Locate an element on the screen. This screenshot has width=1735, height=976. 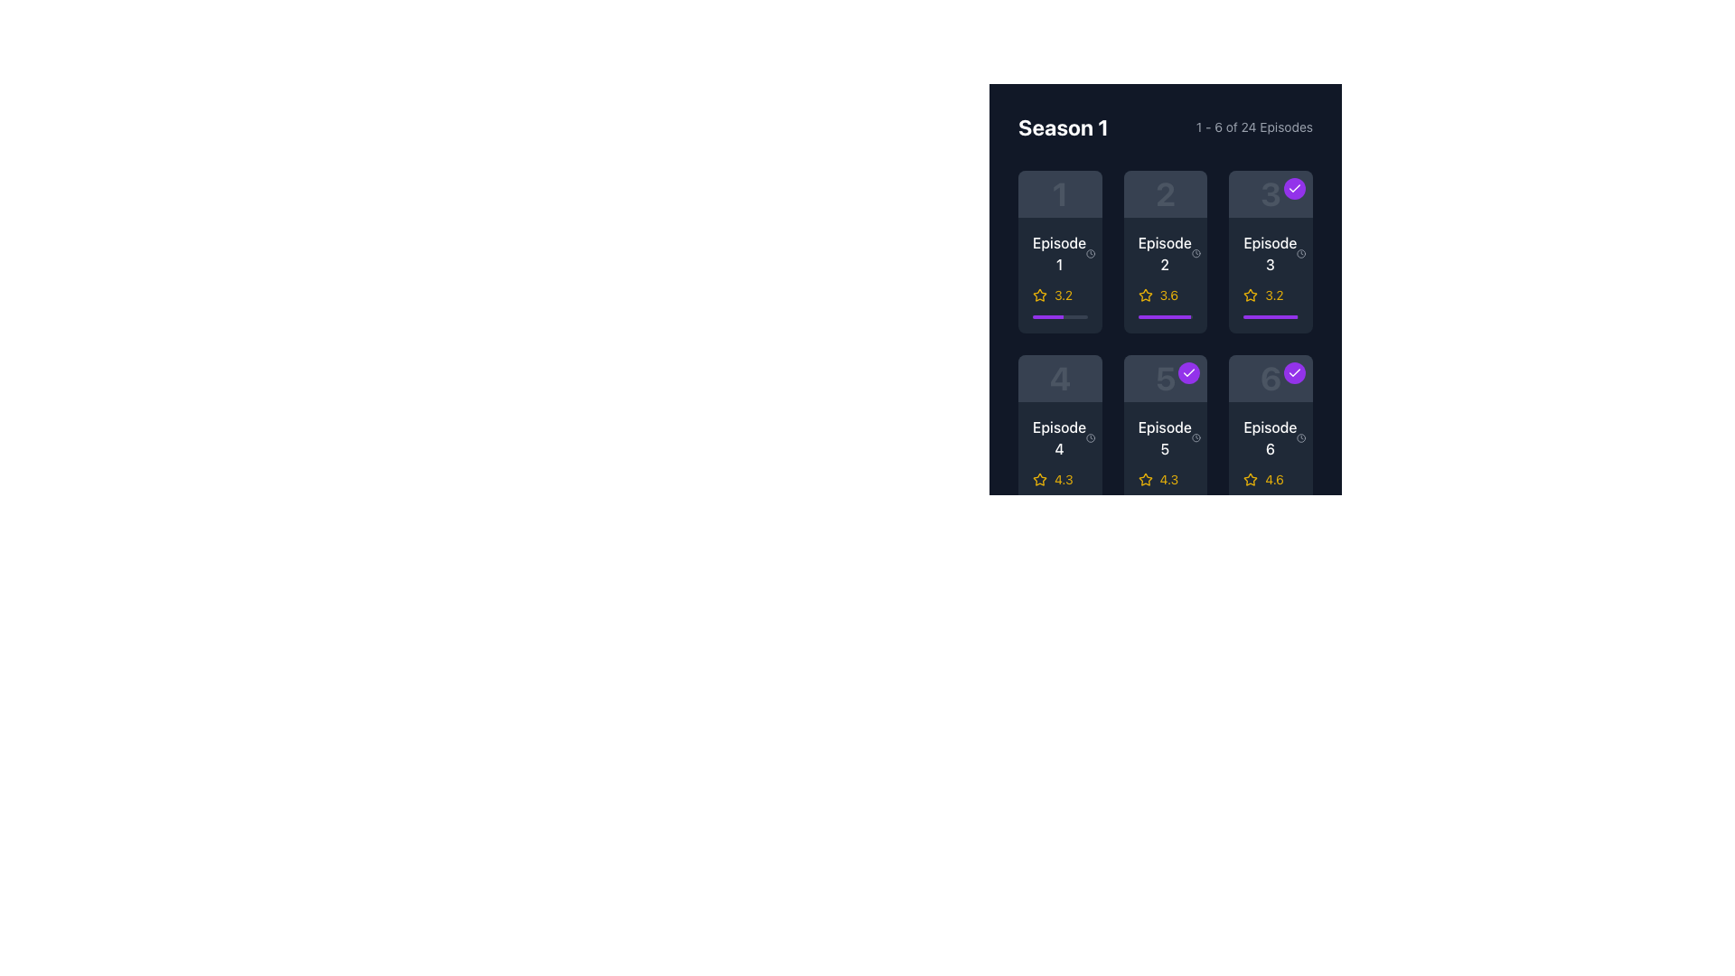
the fourth item is located at coordinates (1060, 459).